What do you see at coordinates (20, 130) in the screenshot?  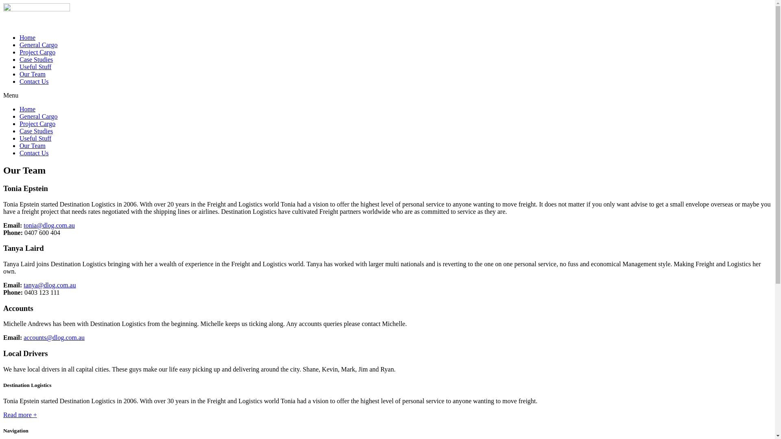 I see `'Case Studies'` at bounding box center [20, 130].